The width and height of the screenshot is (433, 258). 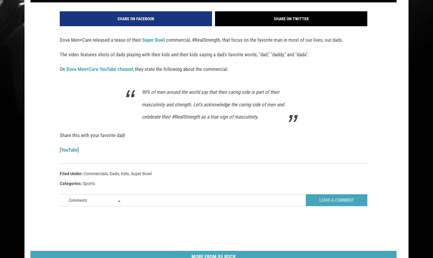 What do you see at coordinates (92, 143) in the screenshot?
I see `'Share this with your favorite dad!'` at bounding box center [92, 143].